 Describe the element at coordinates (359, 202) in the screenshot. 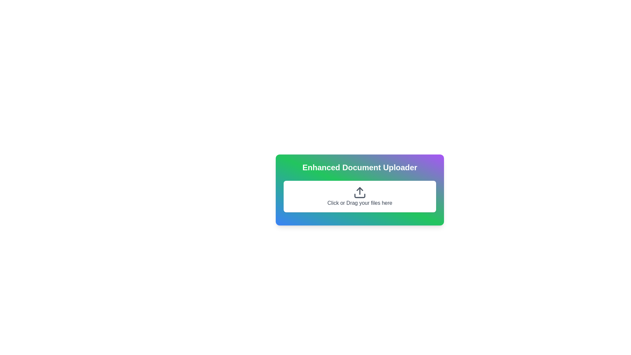

I see `the static text label that says 'Click or Drag your files here.' styled in gray within a white rounded box` at that location.